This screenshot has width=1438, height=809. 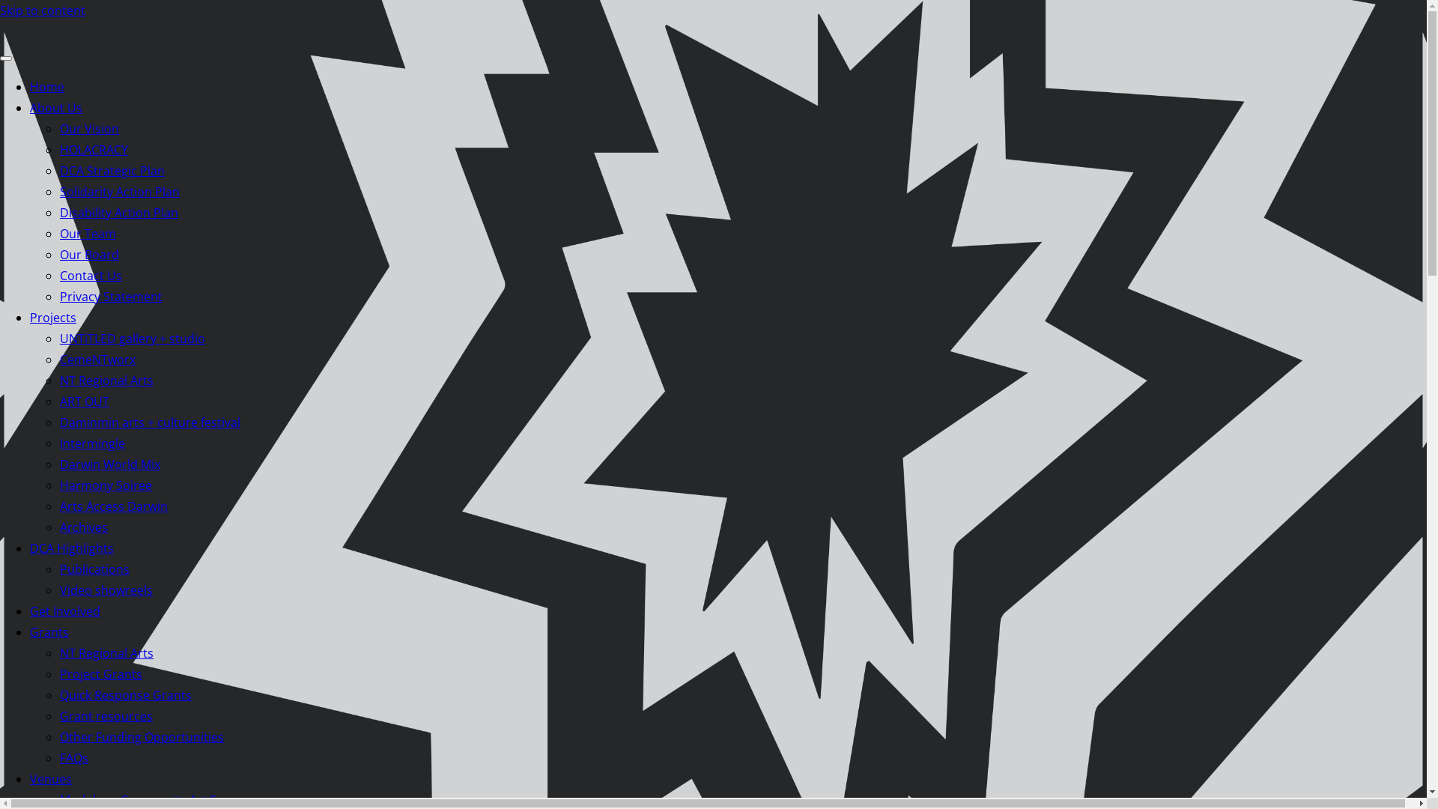 I want to click on 'HOLACRACY', so click(x=93, y=150).